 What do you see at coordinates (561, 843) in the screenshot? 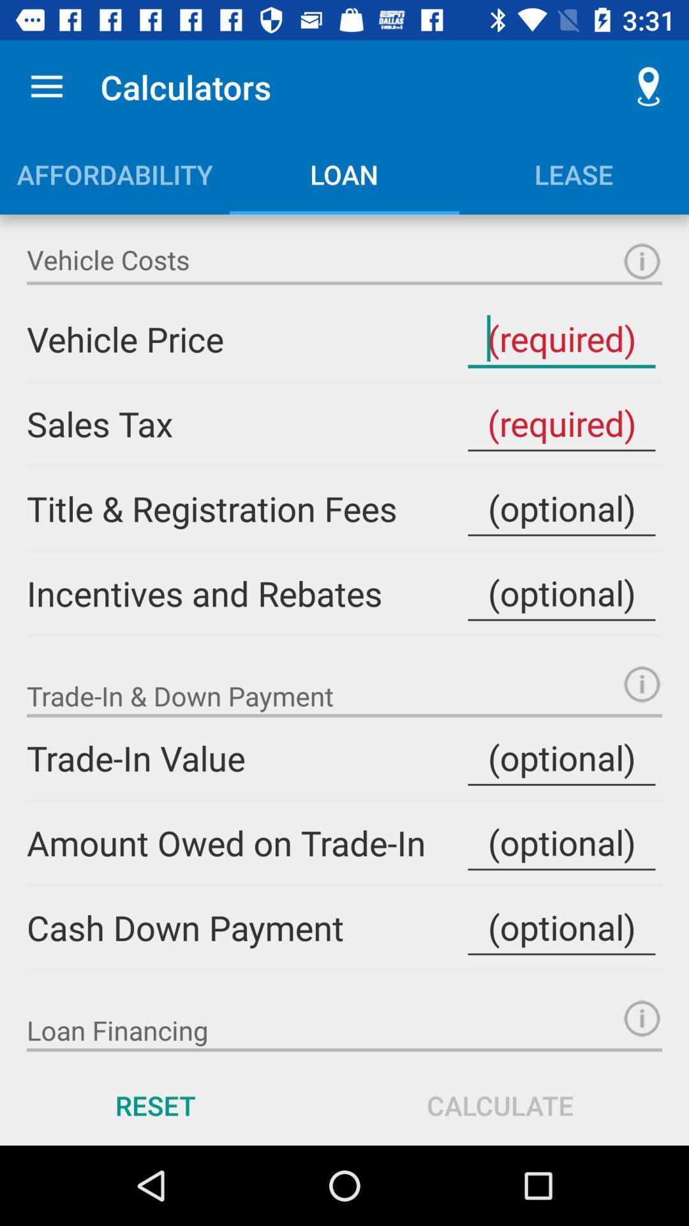
I see `input amount owed on trade` at bounding box center [561, 843].